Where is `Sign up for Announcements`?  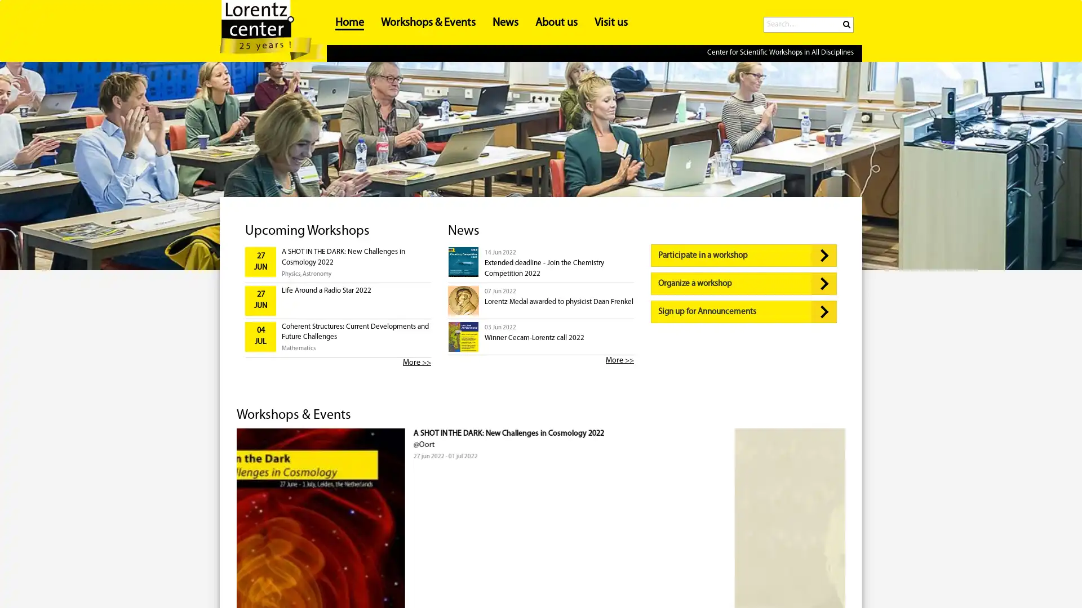
Sign up for Announcements is located at coordinates (744, 312).